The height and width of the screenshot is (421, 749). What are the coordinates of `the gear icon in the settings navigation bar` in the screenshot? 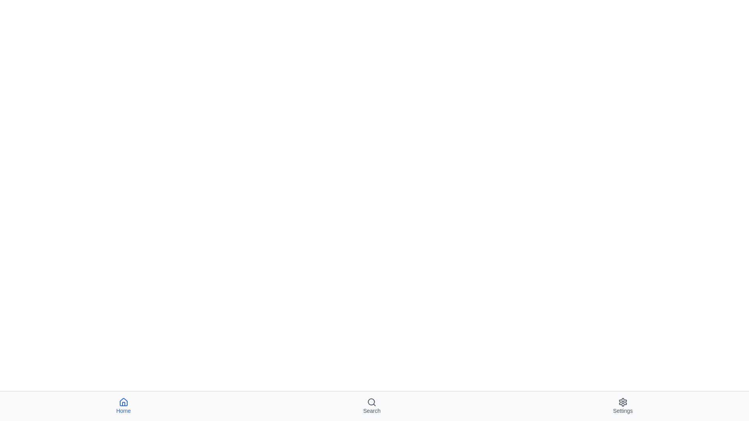 It's located at (622, 402).